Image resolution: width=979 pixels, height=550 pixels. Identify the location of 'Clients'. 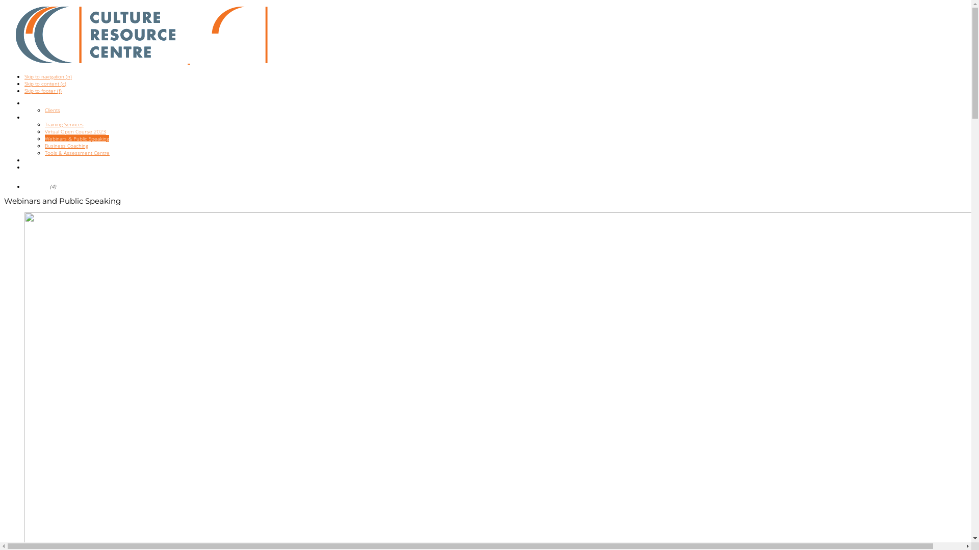
(51, 110).